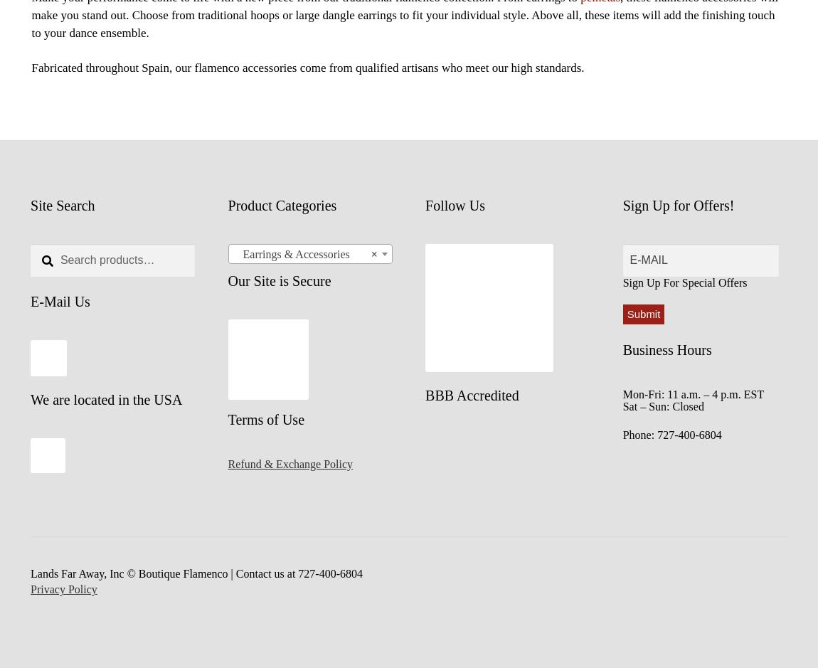 The height and width of the screenshot is (668, 818). Describe the element at coordinates (622, 282) in the screenshot. I see `'Sign Up For Special Offers'` at that location.